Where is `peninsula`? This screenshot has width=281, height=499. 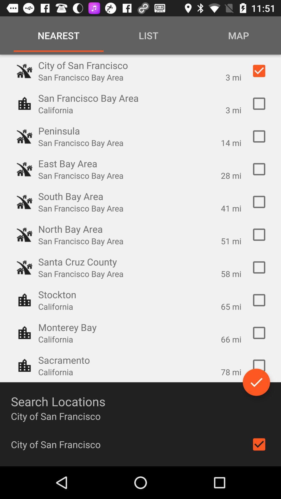 peninsula is located at coordinates (259, 136).